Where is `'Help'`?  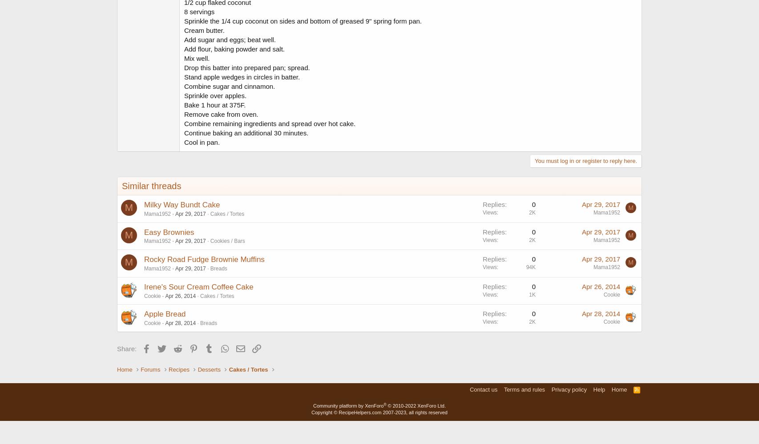
'Help' is located at coordinates (598, 389).